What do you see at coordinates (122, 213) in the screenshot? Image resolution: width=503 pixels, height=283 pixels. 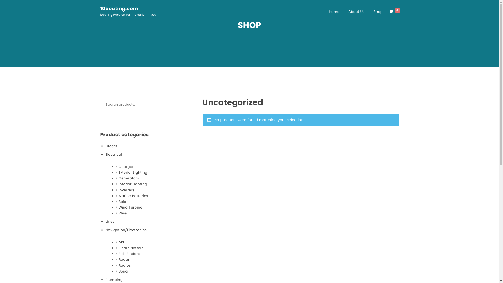 I see `'Wire'` at bounding box center [122, 213].